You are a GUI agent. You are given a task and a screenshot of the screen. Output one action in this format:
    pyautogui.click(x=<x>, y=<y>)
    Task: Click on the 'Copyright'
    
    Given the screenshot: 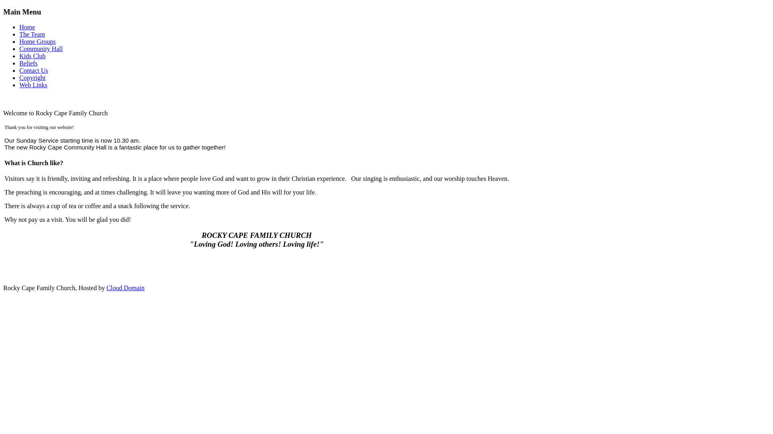 What is the action you would take?
    pyautogui.click(x=32, y=78)
    